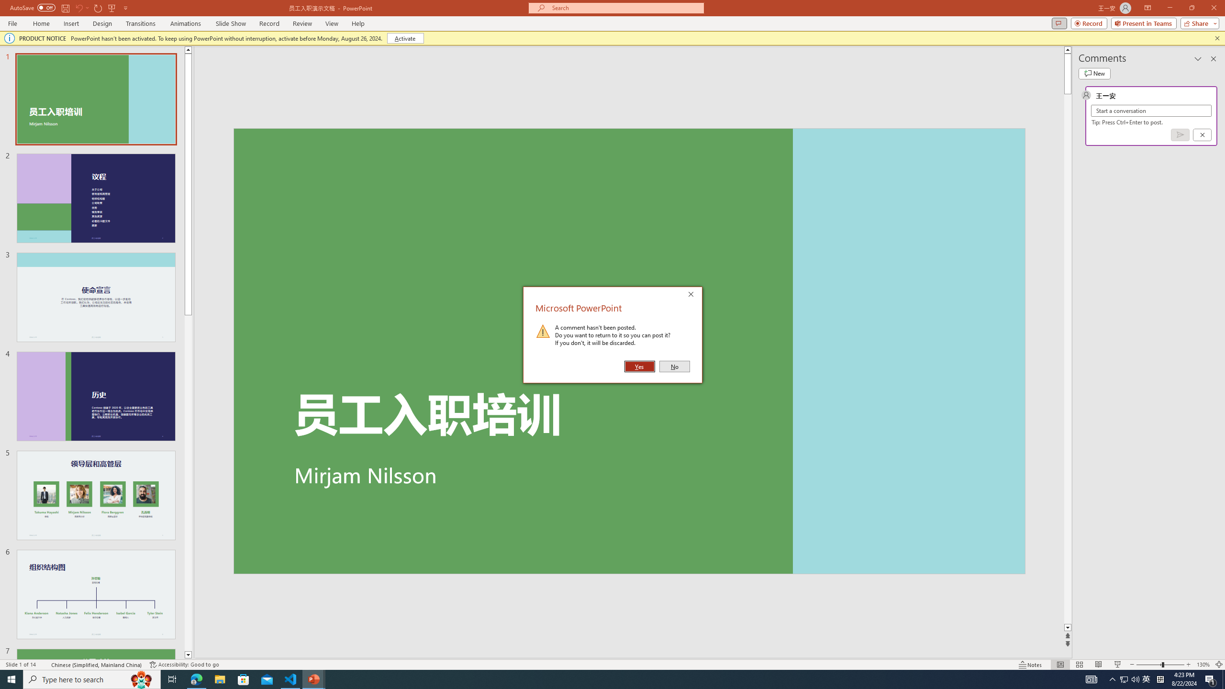  Describe the element at coordinates (314, 678) in the screenshot. I see `'PowerPoint - 2 running windows'` at that location.